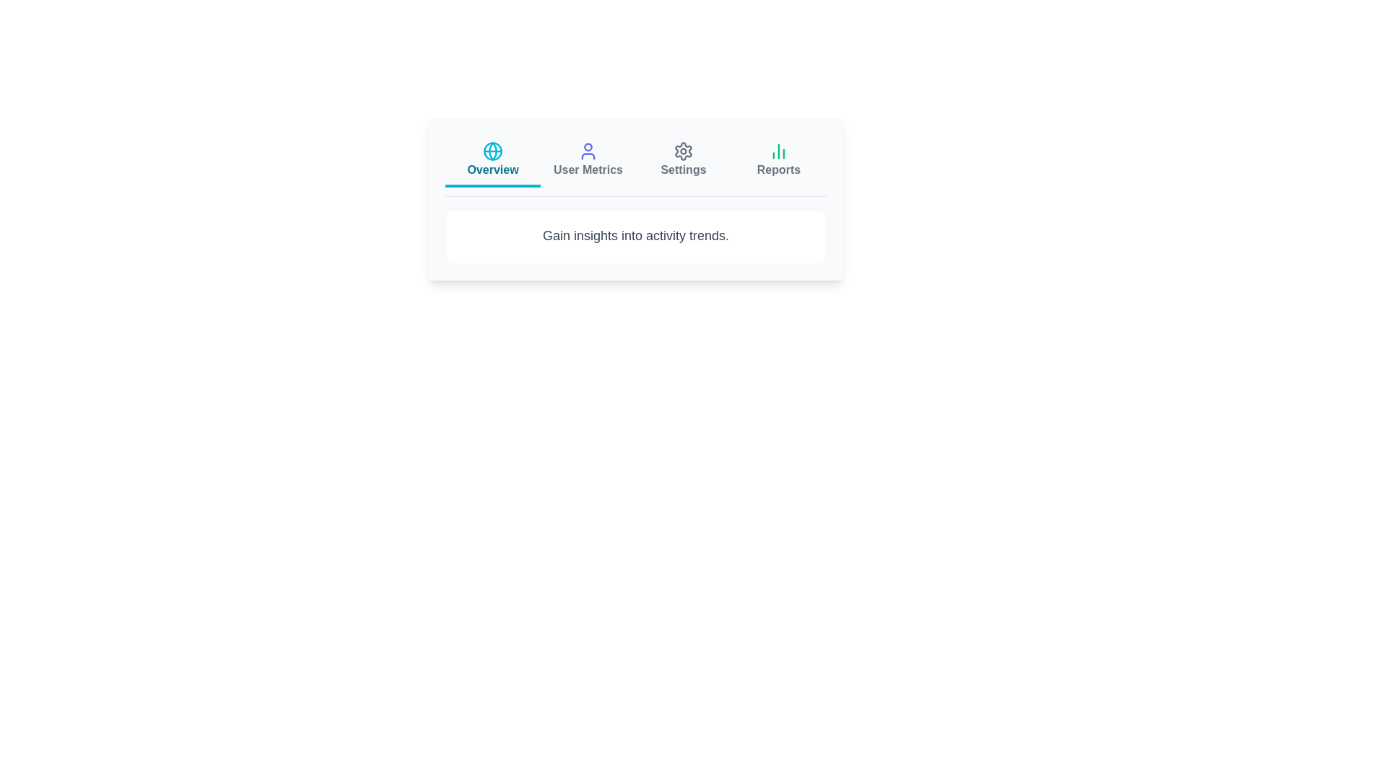  What do you see at coordinates (492, 151) in the screenshot?
I see `the icon of the tab labeled Overview` at bounding box center [492, 151].